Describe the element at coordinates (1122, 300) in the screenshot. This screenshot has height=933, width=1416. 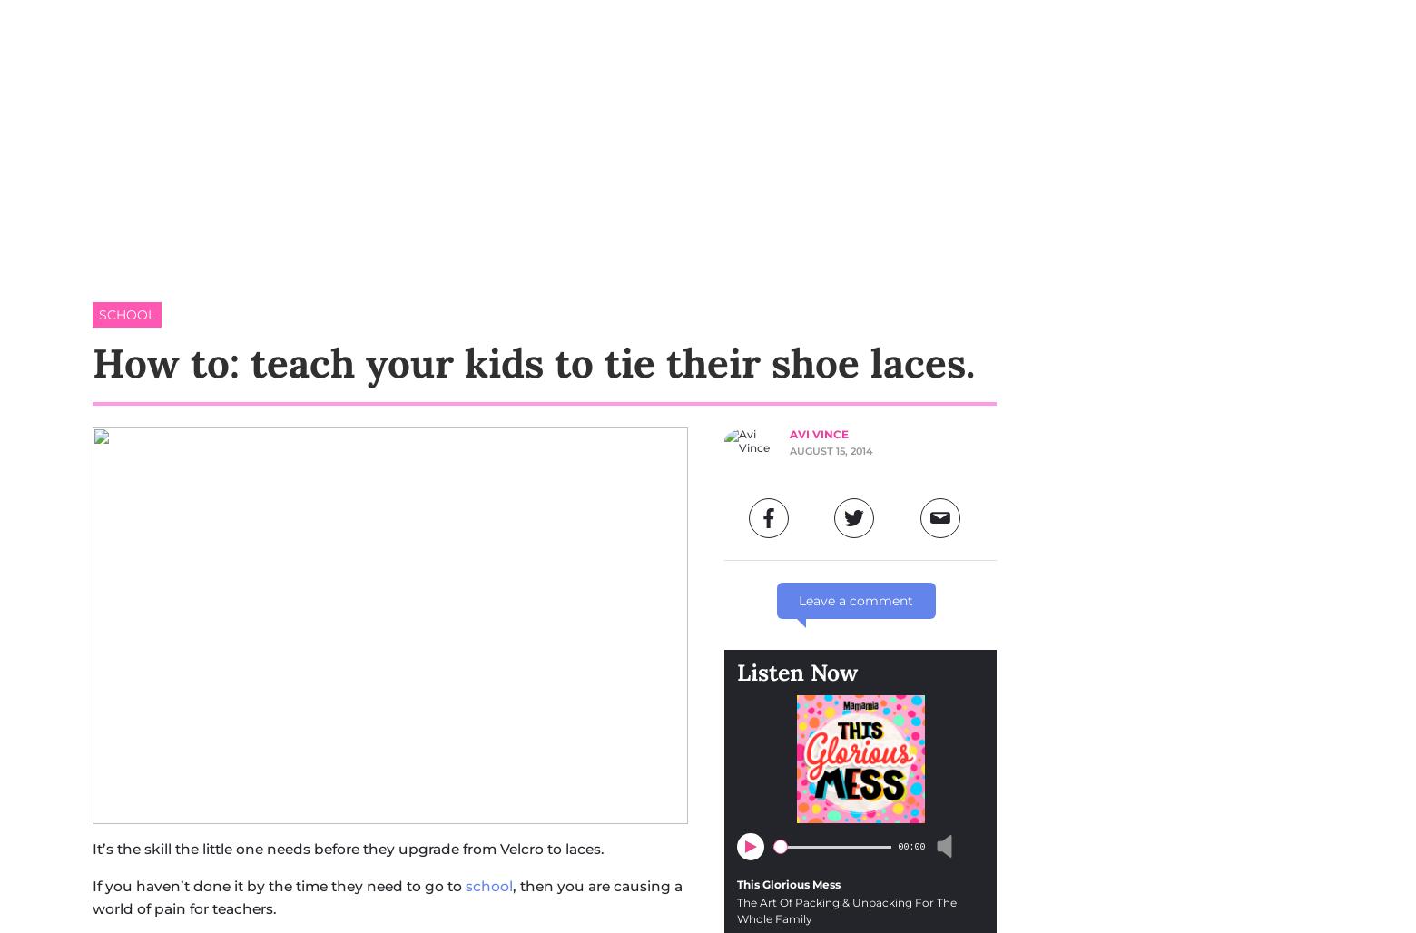
I see `'Notifications'` at that location.